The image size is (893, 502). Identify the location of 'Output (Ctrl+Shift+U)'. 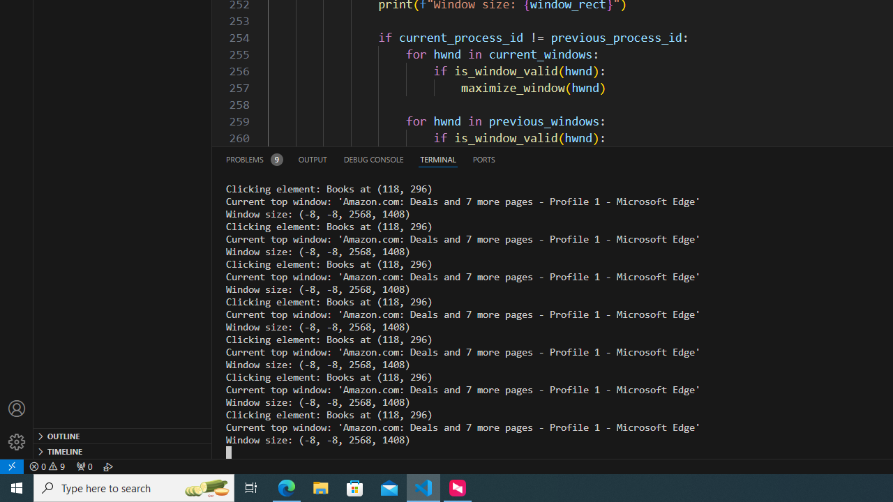
(312, 158).